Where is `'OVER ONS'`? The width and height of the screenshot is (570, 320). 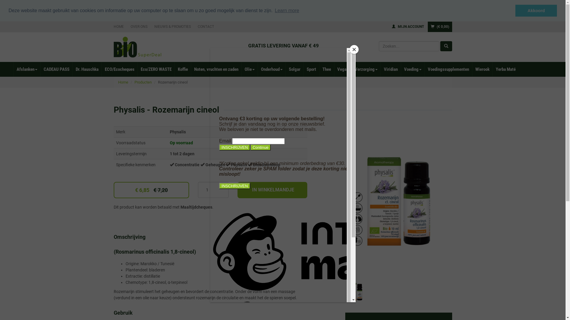
'OVER ONS' is located at coordinates (139, 26).